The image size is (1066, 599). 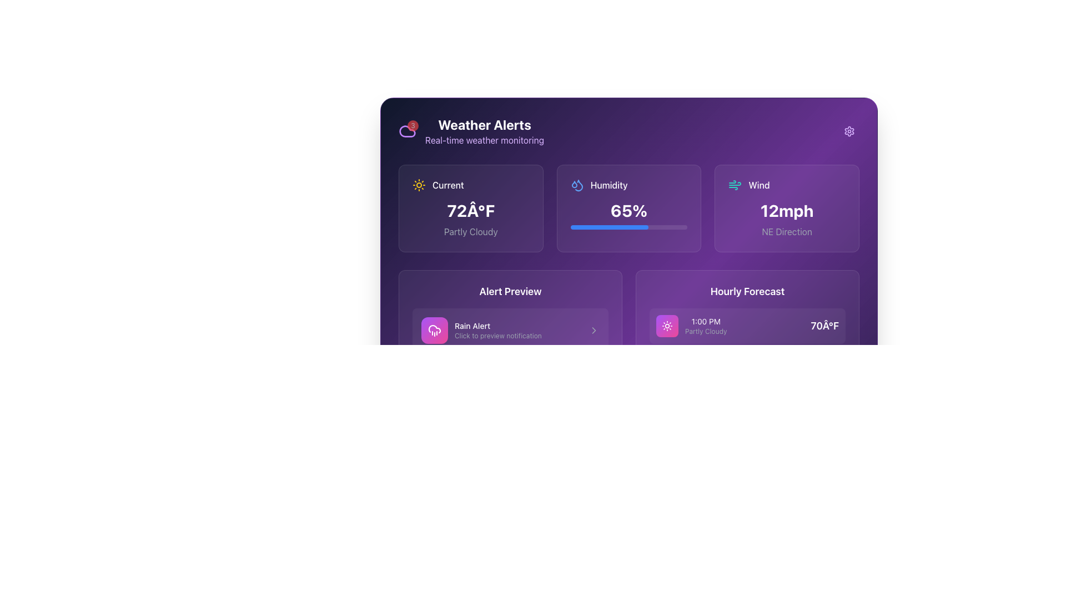 What do you see at coordinates (849, 130) in the screenshot?
I see `the outer contour of the gear-shaped icon located in the top-right corner of the interface` at bounding box center [849, 130].